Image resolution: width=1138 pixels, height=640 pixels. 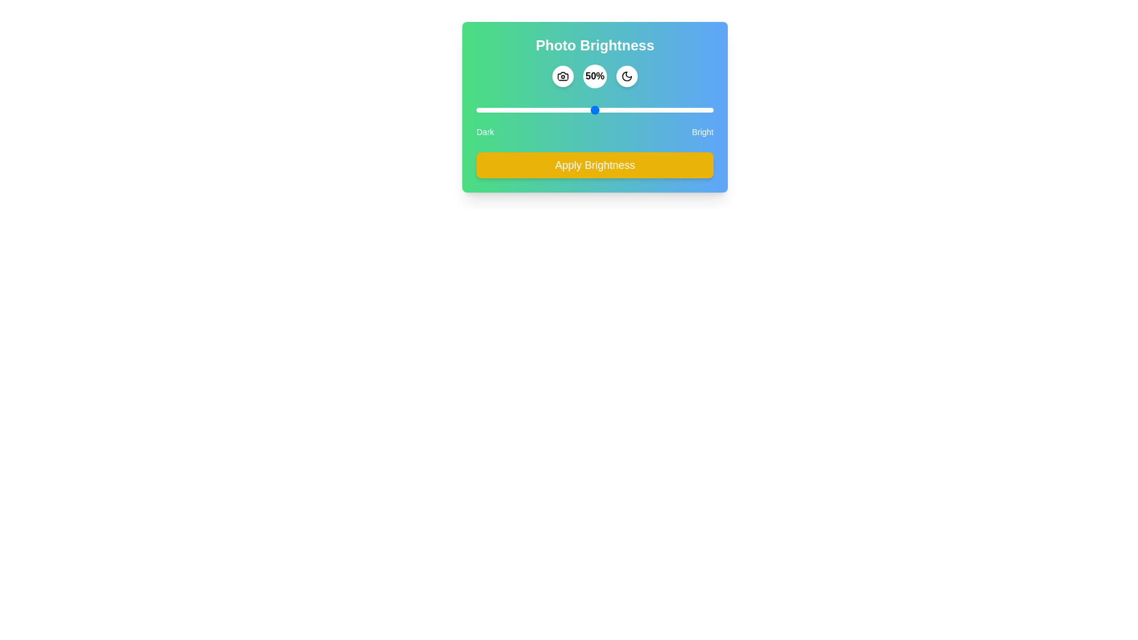 I want to click on the brightness slider to 19%, so click(x=521, y=110).